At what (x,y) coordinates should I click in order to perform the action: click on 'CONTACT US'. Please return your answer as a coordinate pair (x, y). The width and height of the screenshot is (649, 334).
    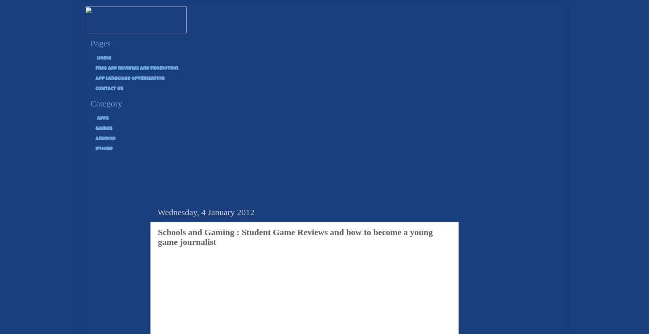
    Looking at the image, I should click on (109, 88).